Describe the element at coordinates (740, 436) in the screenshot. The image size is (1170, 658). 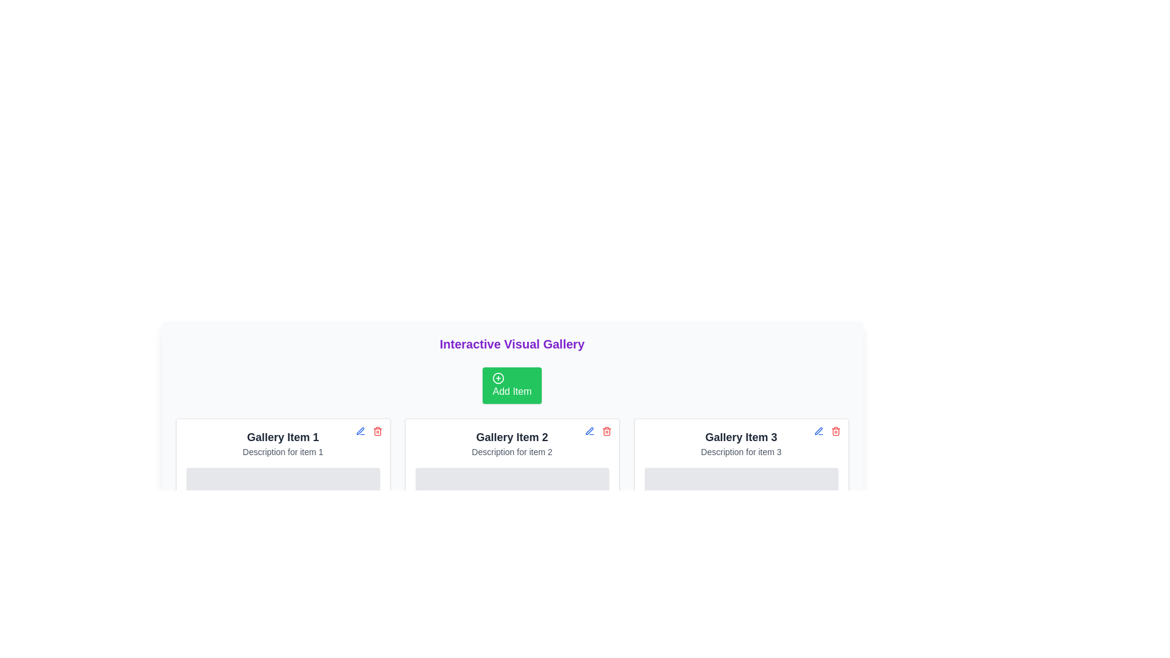
I see `the text label displaying 'Gallery Item 3', which is a bold, dark gray title within a light-colored bordered box, positioned above its descriptive text and image placeholder` at that location.